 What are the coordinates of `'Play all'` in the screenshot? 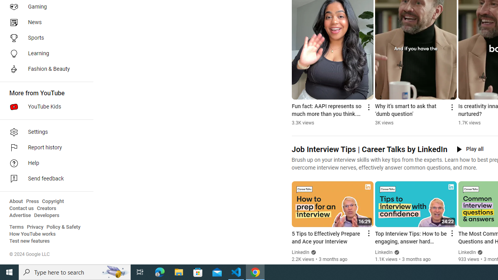 It's located at (470, 149).